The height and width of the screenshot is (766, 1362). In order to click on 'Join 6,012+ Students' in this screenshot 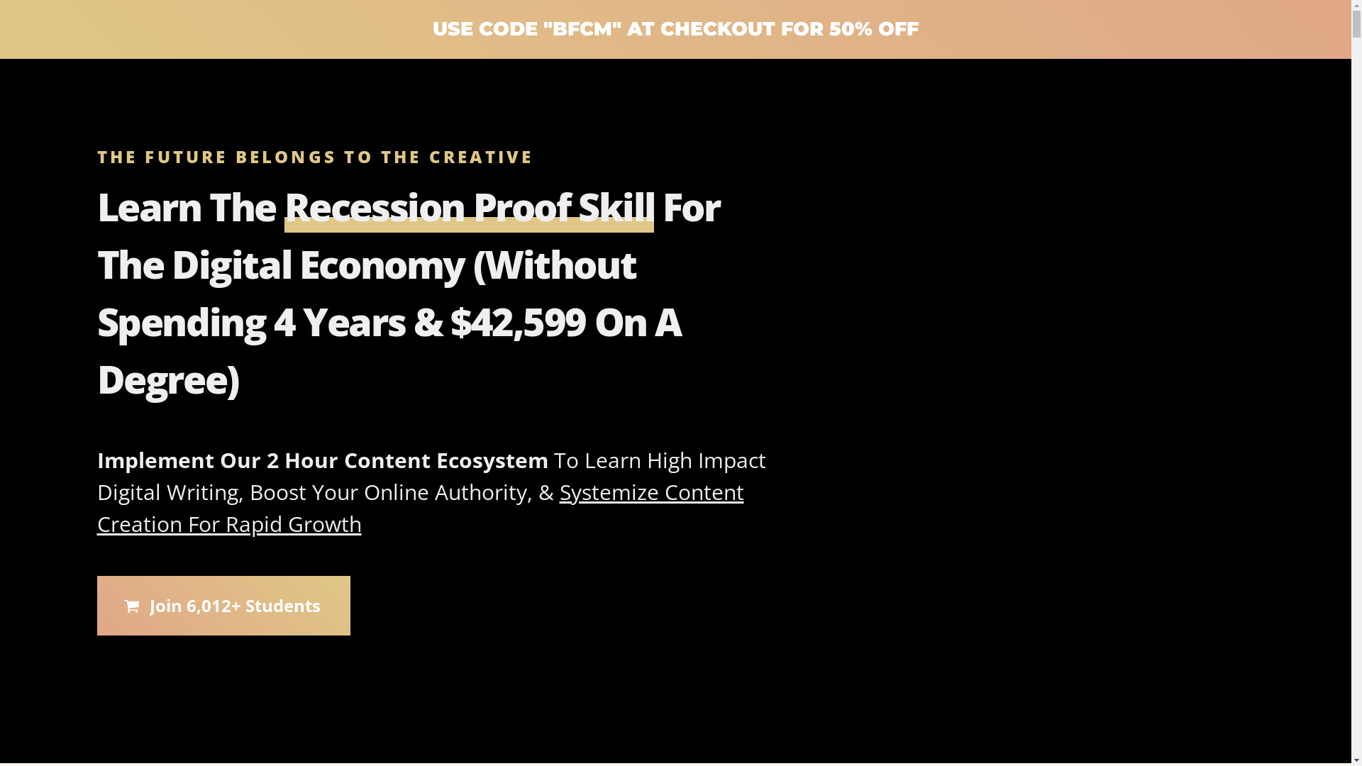, I will do `click(222, 605)`.